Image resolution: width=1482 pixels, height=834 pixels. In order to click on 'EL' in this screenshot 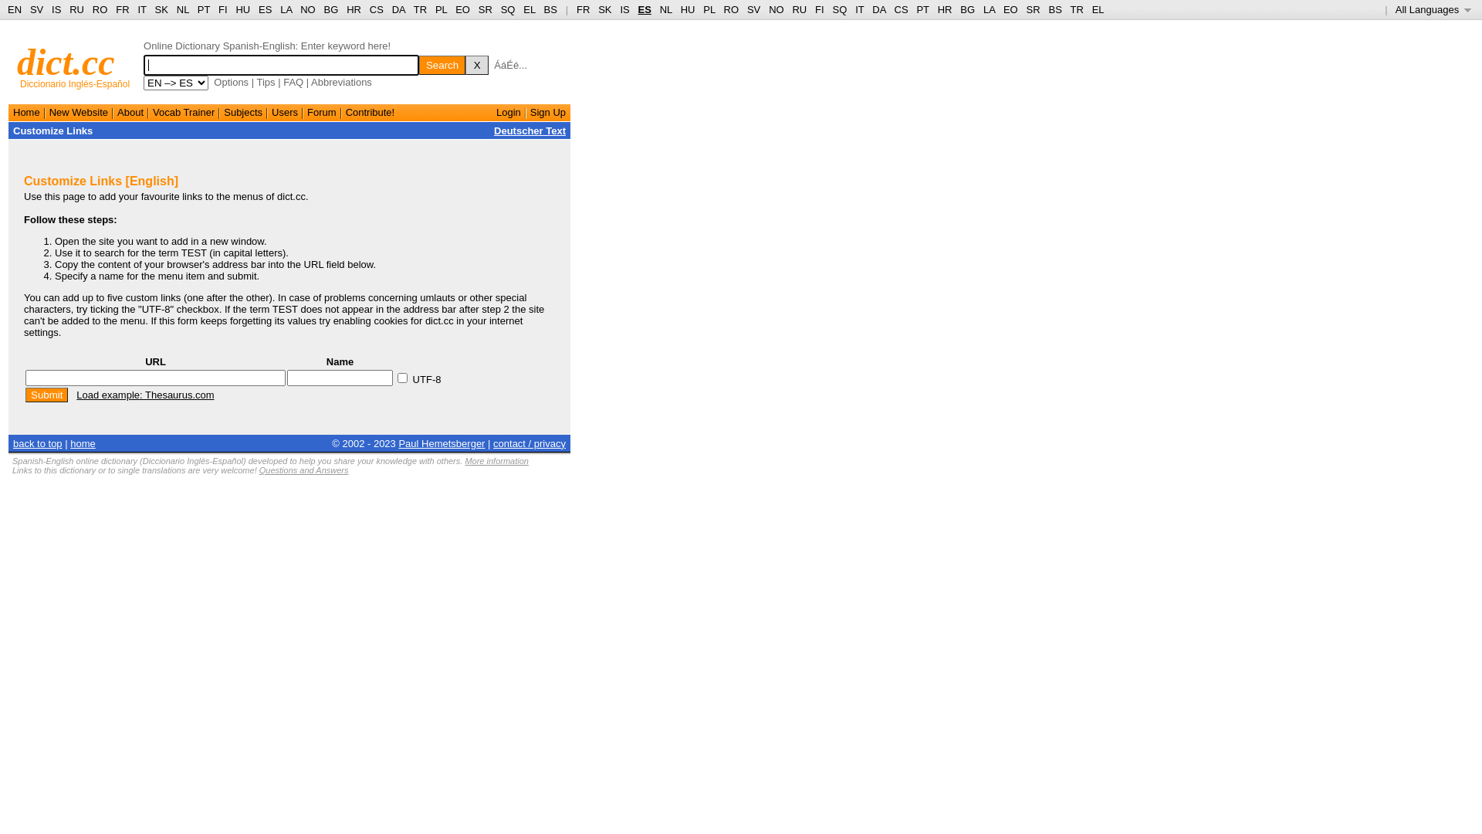, I will do `click(529, 9)`.